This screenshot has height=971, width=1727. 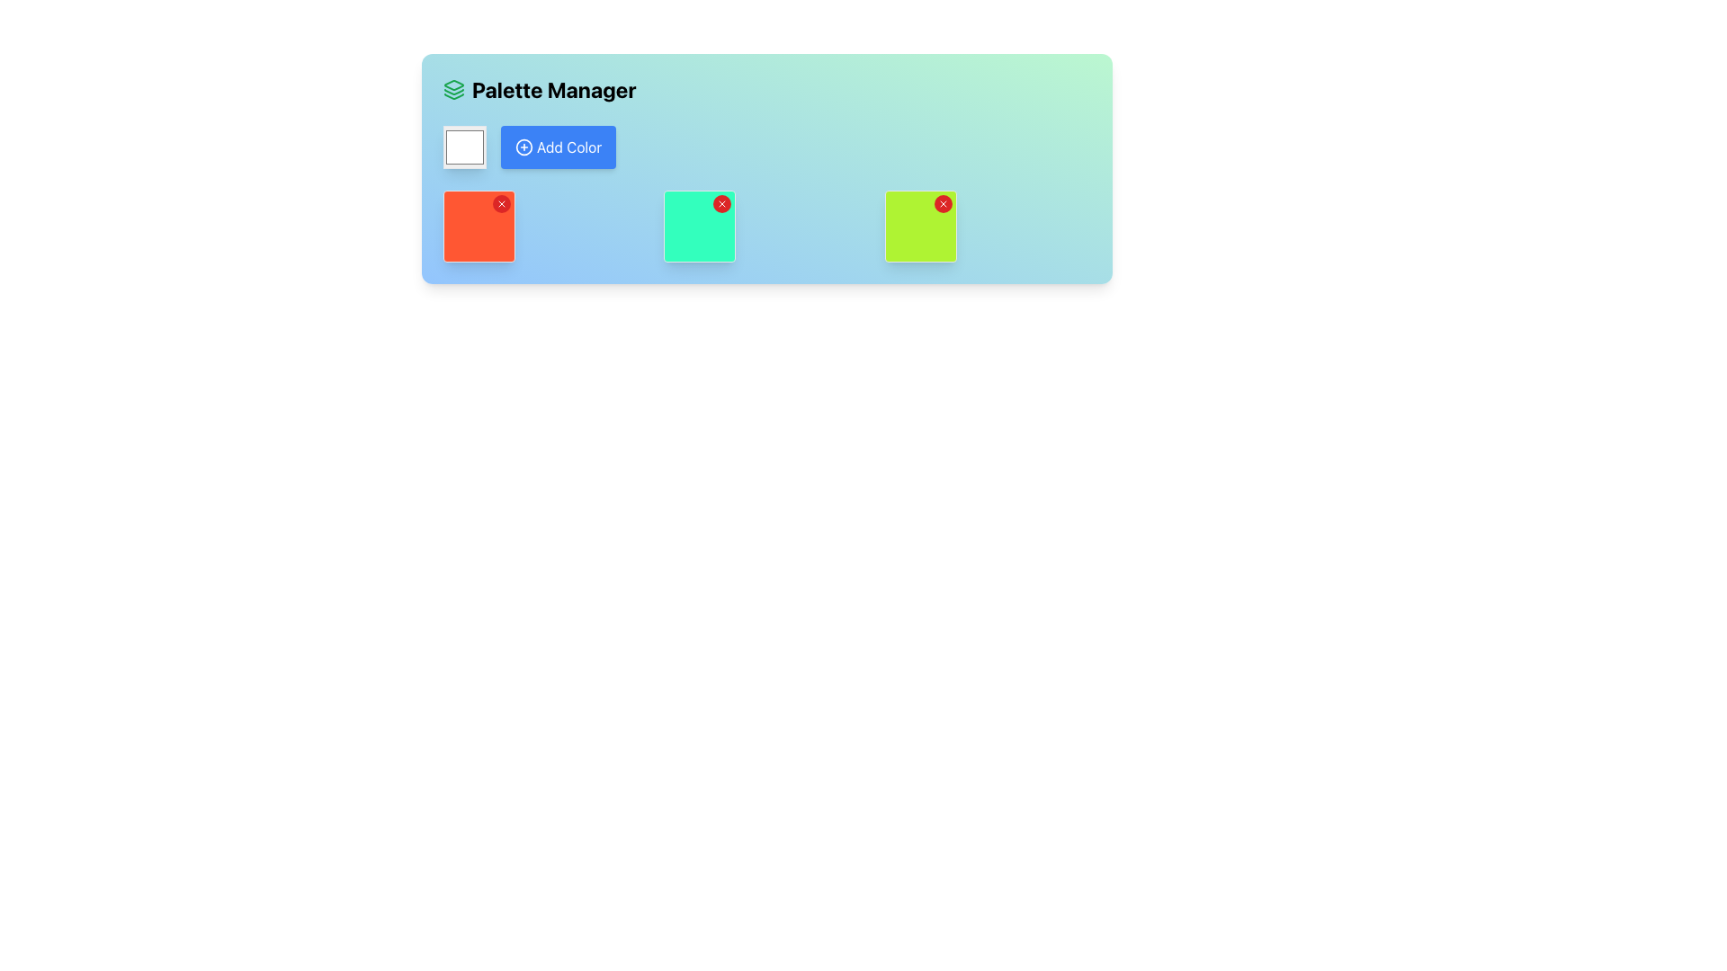 What do you see at coordinates (479, 225) in the screenshot?
I see `the square box with a red-orange background and rounded corners, located under the 'Add Color' button` at bounding box center [479, 225].